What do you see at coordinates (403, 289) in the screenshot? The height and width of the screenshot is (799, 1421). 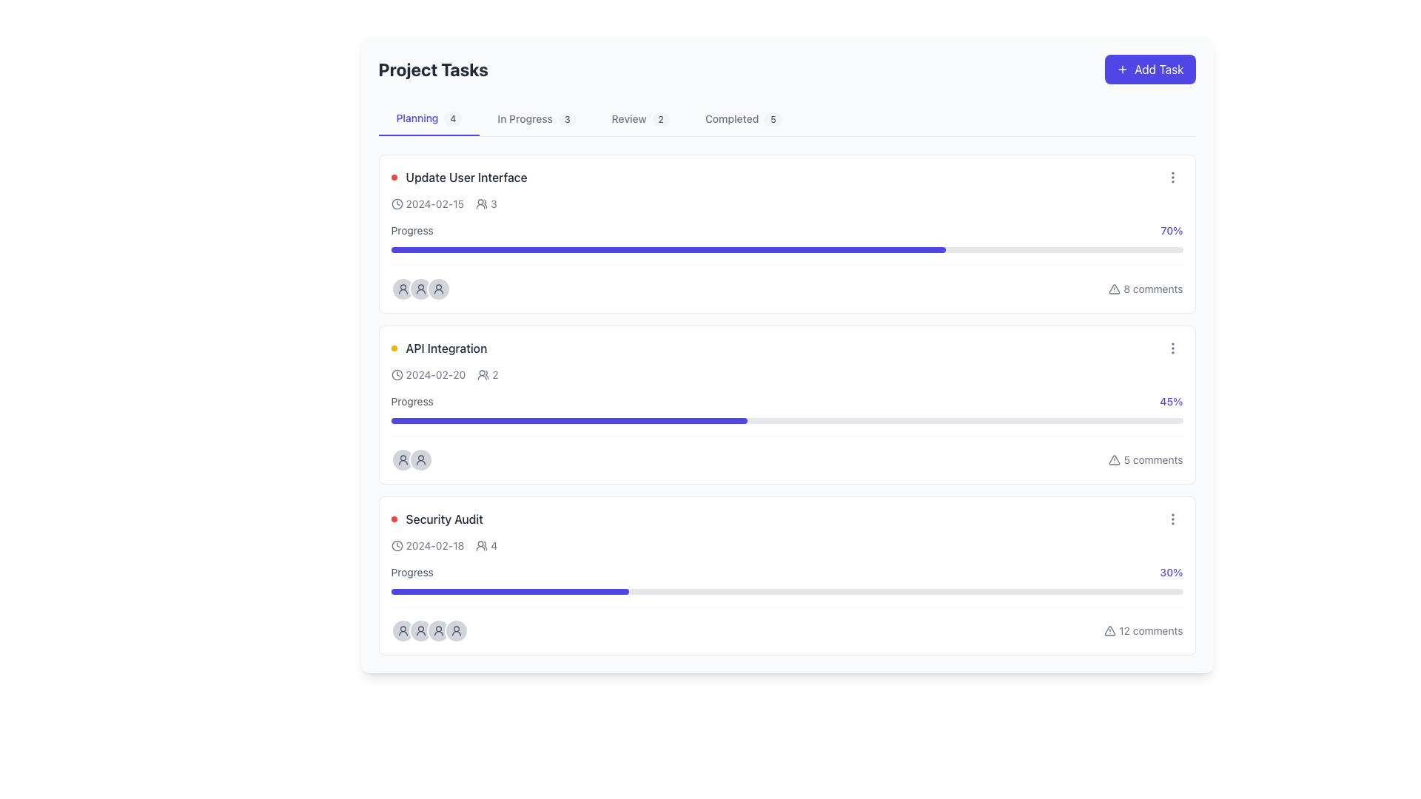 I see `the user avatar icon, which is the third icon in the group of user icons at the bottom of the 'Update User Interface' task section in the 'Planning' tab of the 'Project Tasks' interface` at bounding box center [403, 289].